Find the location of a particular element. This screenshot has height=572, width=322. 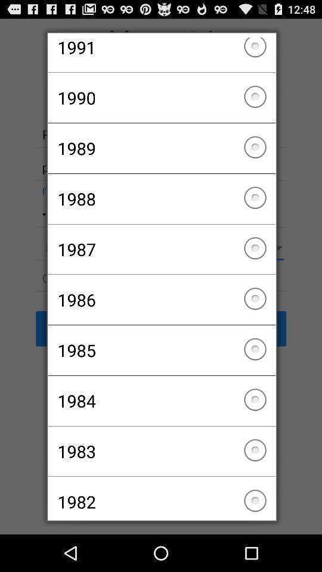

the icon above 1982 item is located at coordinates (161, 450).